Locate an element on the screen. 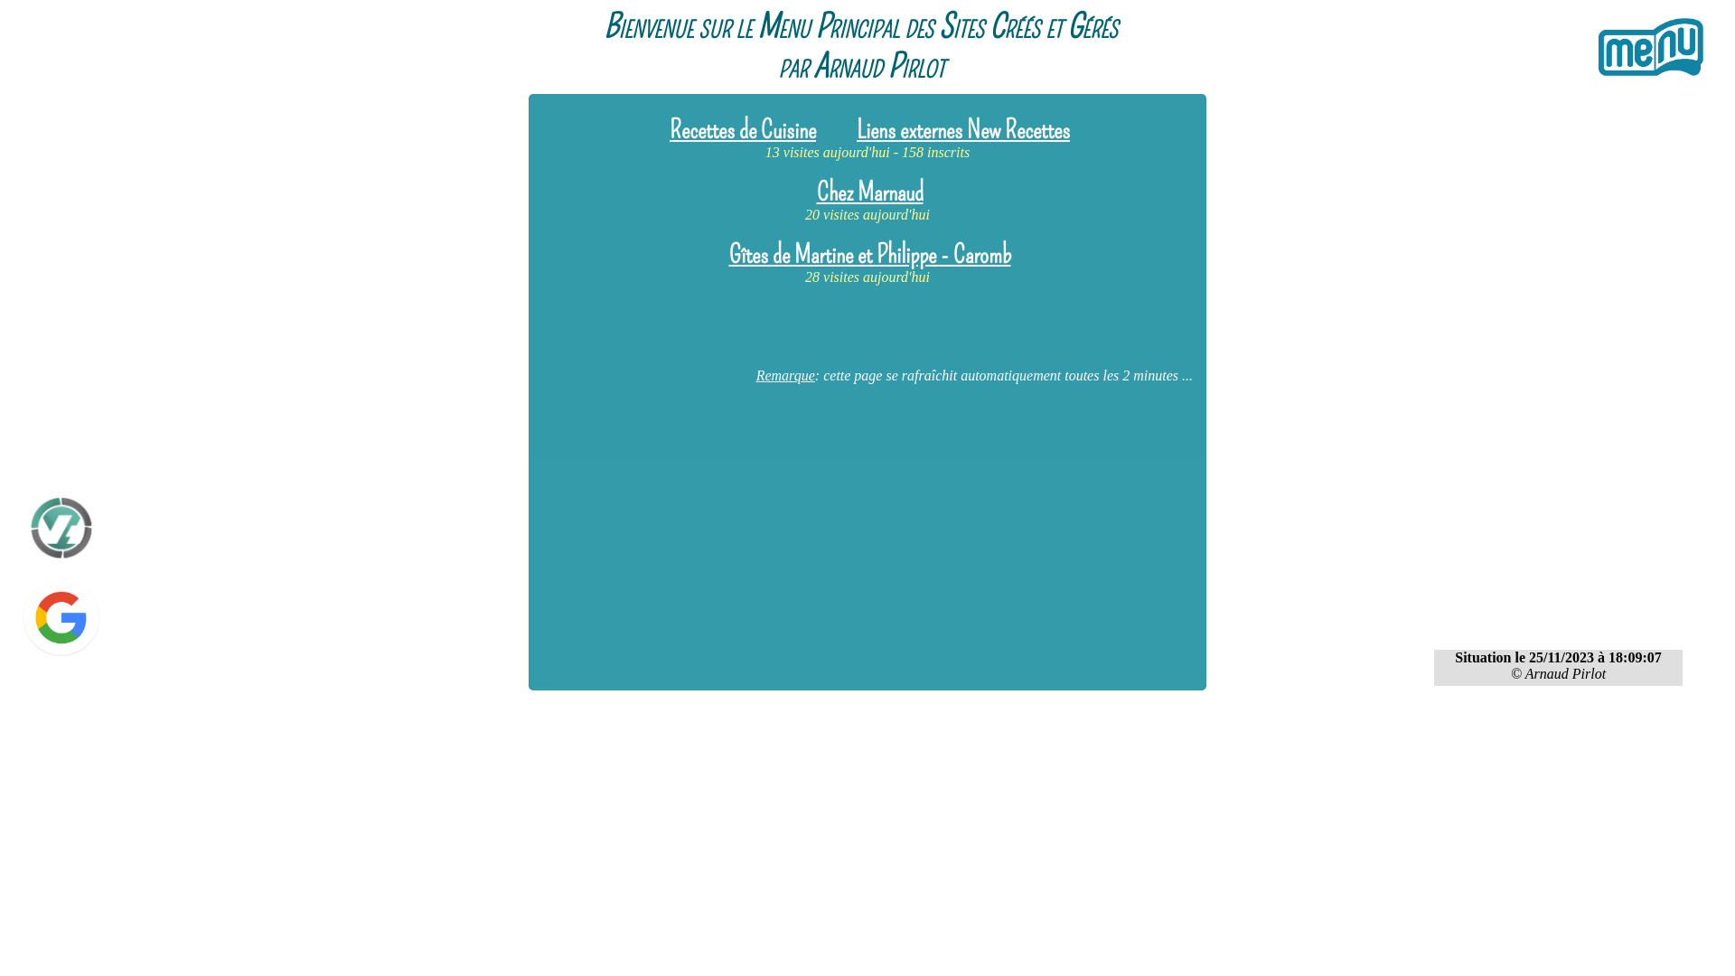  'Google' is located at coordinates (16, 619).